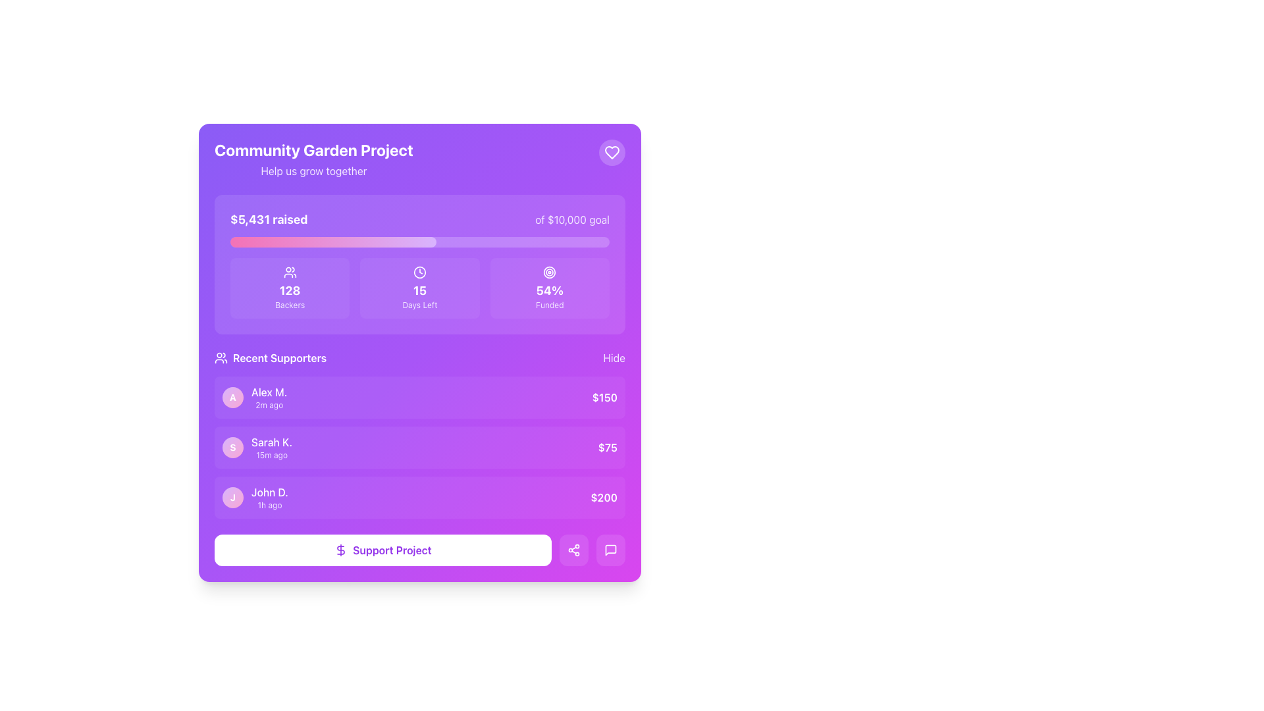 The image size is (1264, 711). What do you see at coordinates (610, 550) in the screenshot?
I see `the chat bubble icon located at the bottom-right corner of the purple project card` at bounding box center [610, 550].